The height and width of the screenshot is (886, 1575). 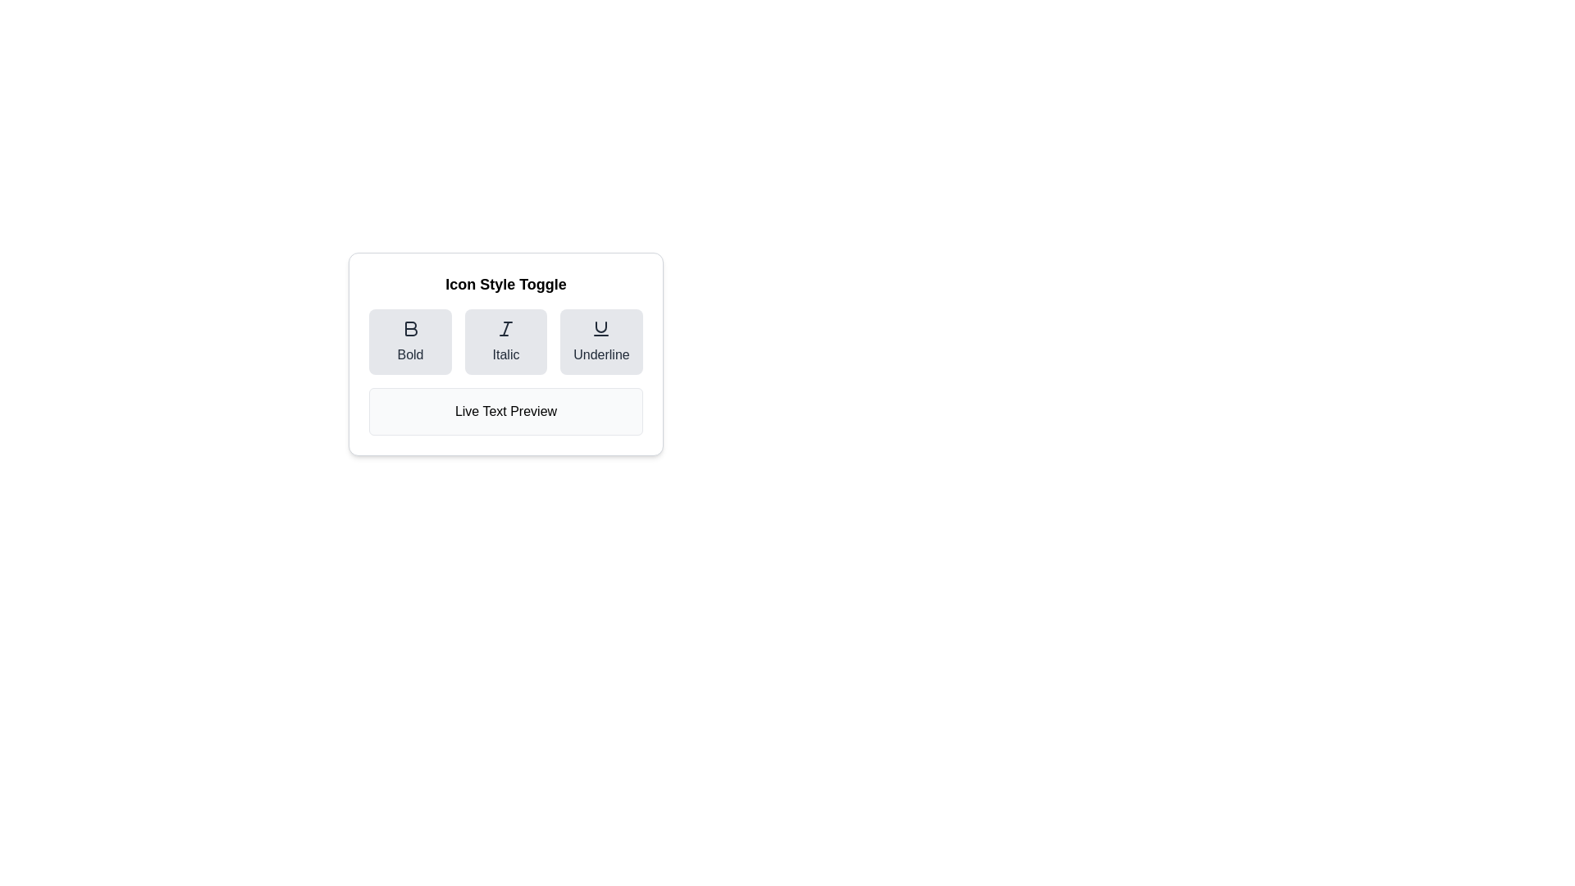 I want to click on 'Underline' button to toggle the underline style, so click(x=600, y=340).